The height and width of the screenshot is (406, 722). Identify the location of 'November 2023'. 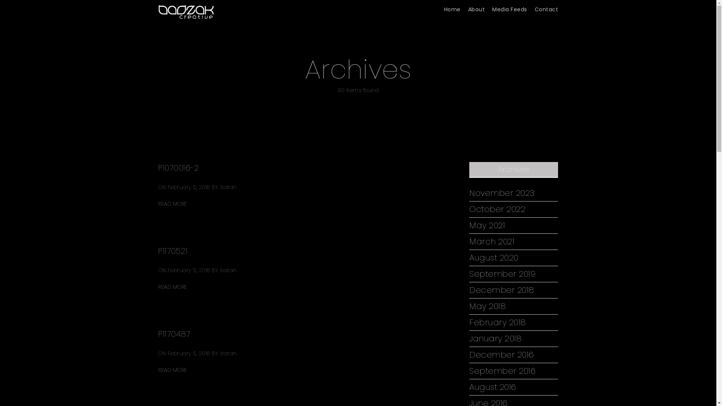
(469, 192).